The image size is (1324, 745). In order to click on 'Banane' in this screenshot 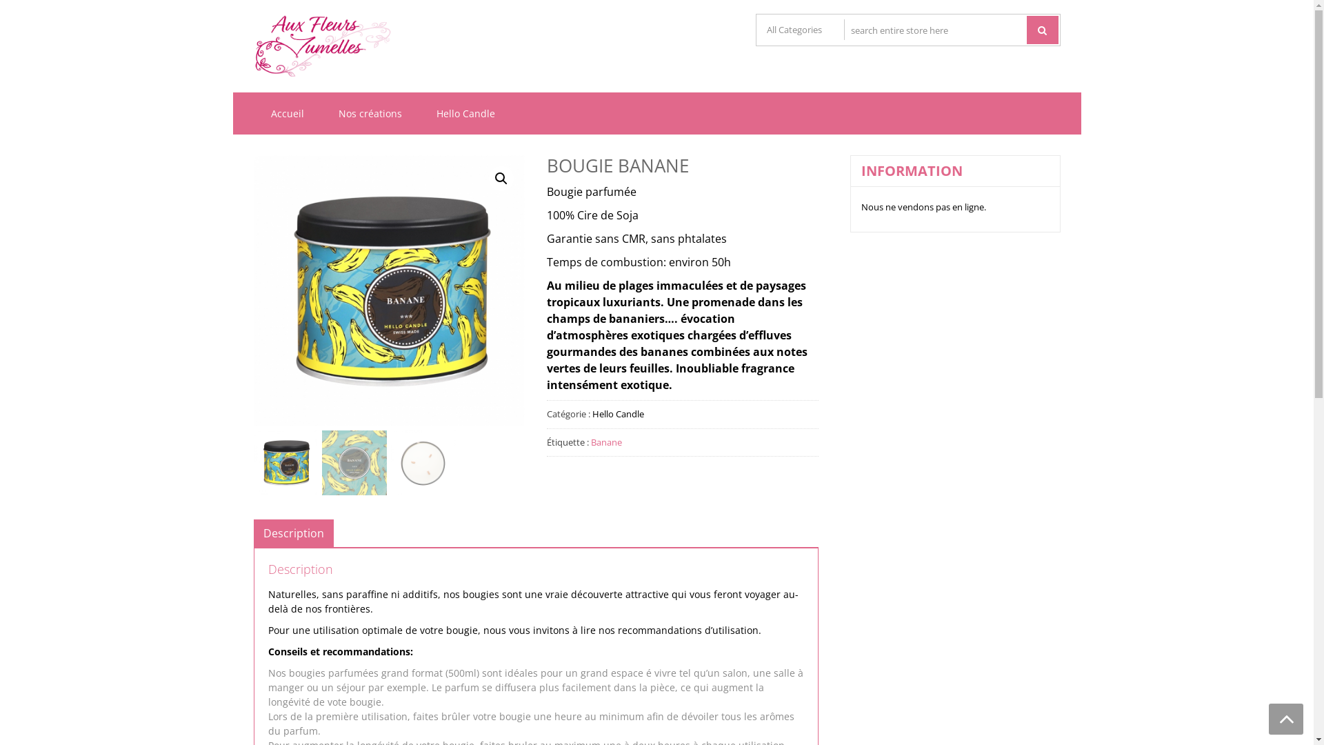, I will do `click(591, 441)`.